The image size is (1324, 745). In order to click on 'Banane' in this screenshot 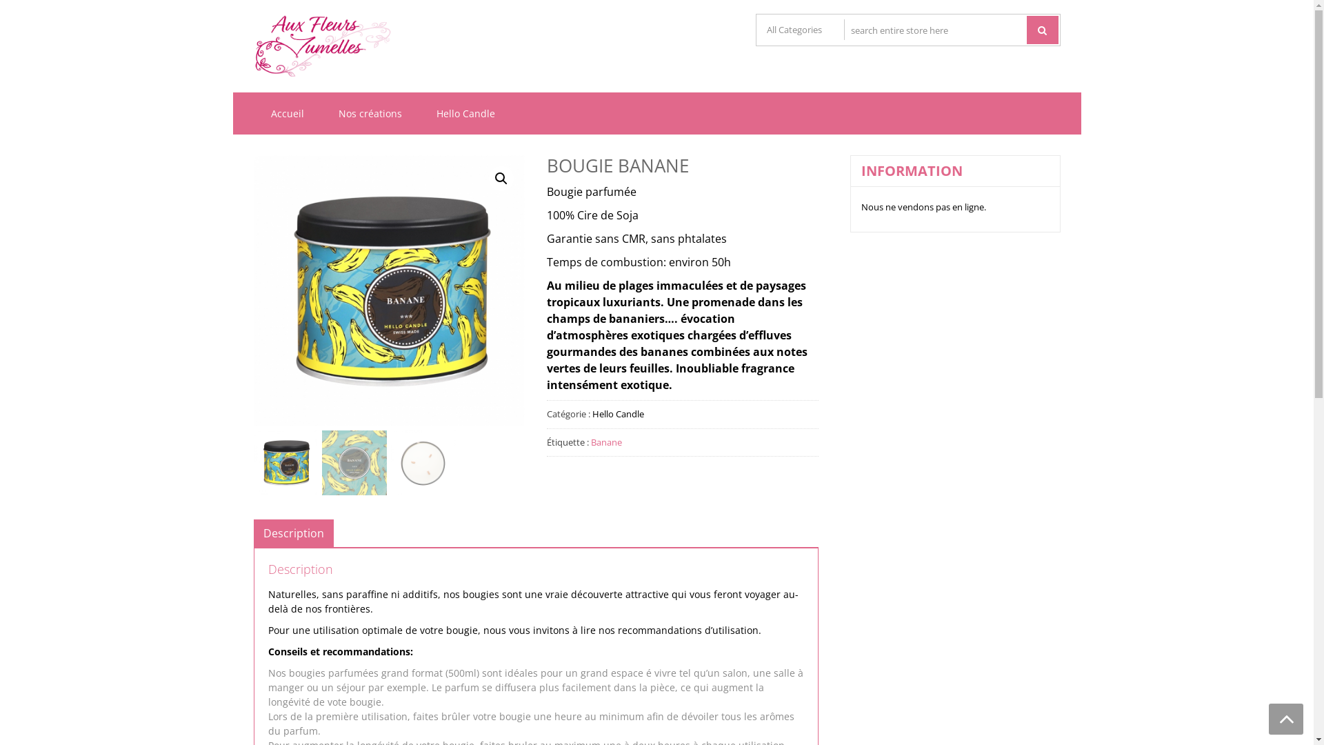, I will do `click(591, 441)`.